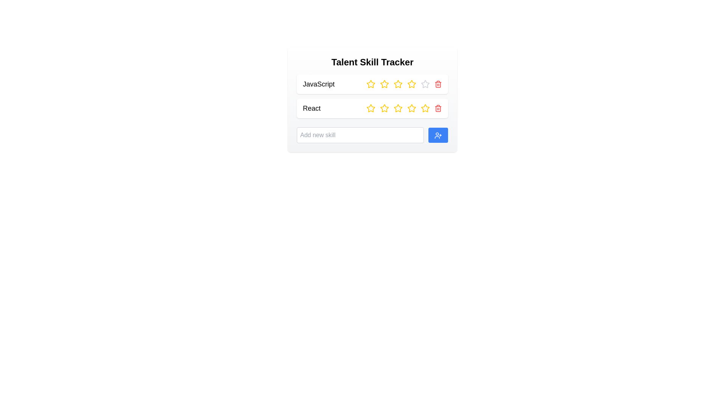 The width and height of the screenshot is (726, 408). I want to click on the fifth yellow outlined star icon in the rating row labeled 'React' on the 'Talent Skill Tracker' card, so click(411, 108).